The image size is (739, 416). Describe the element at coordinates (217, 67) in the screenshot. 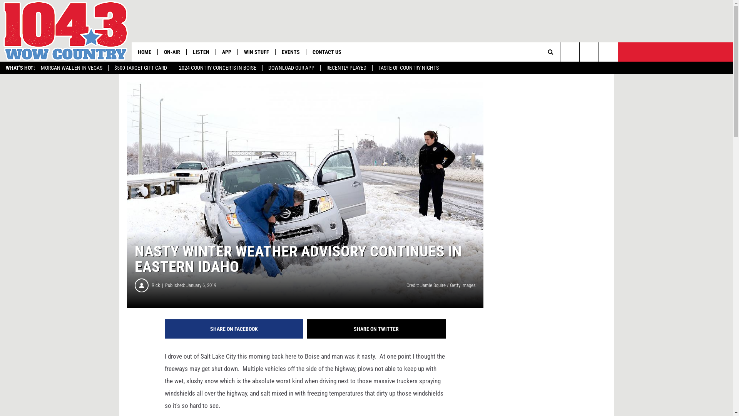

I see `'2024 COUNTRY CONCERTS IN BOISE'` at that location.